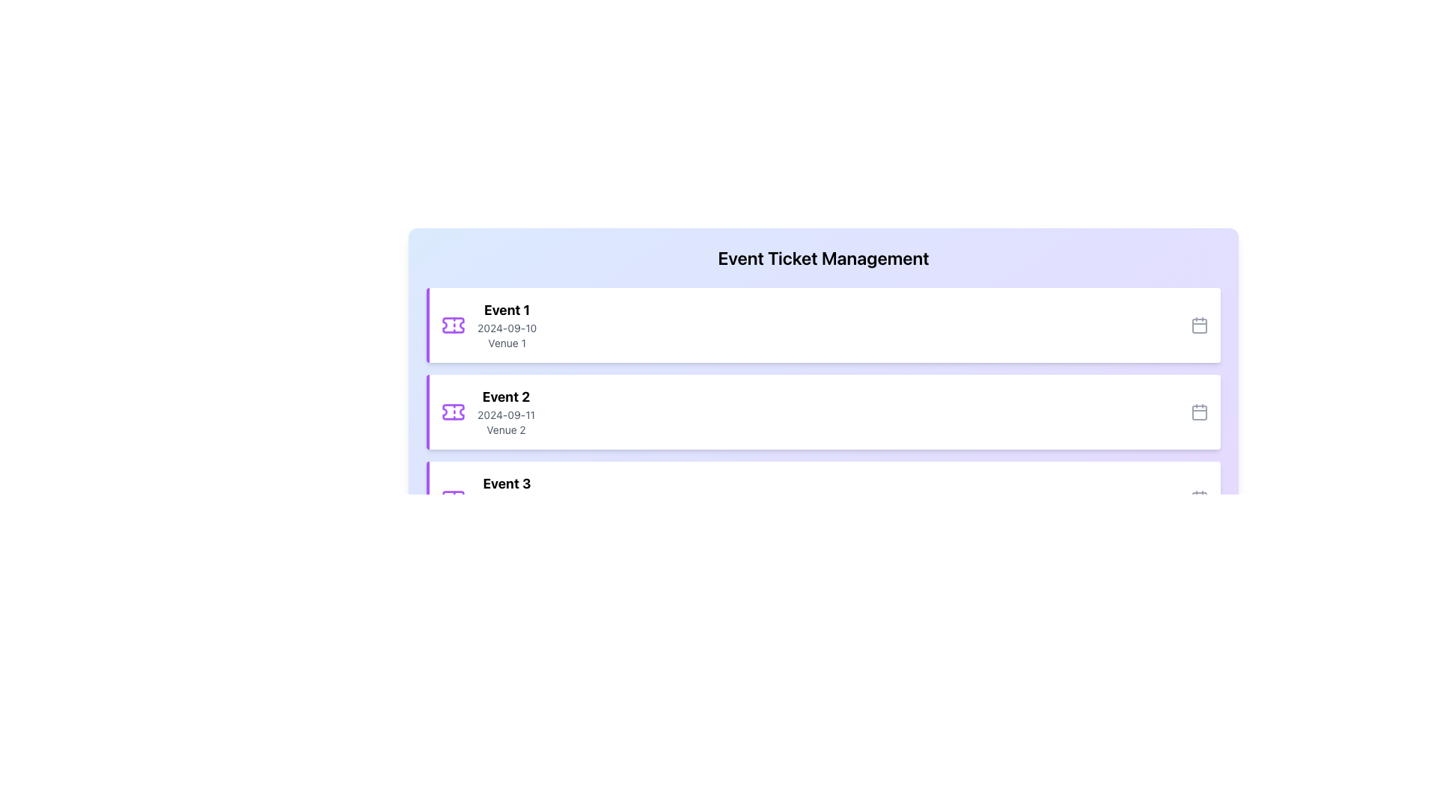 The height and width of the screenshot is (808, 1437). What do you see at coordinates (507, 499) in the screenshot?
I see `information displayed in the static informational display located in the third section of the event list, positioned below 'Event 2'` at bounding box center [507, 499].